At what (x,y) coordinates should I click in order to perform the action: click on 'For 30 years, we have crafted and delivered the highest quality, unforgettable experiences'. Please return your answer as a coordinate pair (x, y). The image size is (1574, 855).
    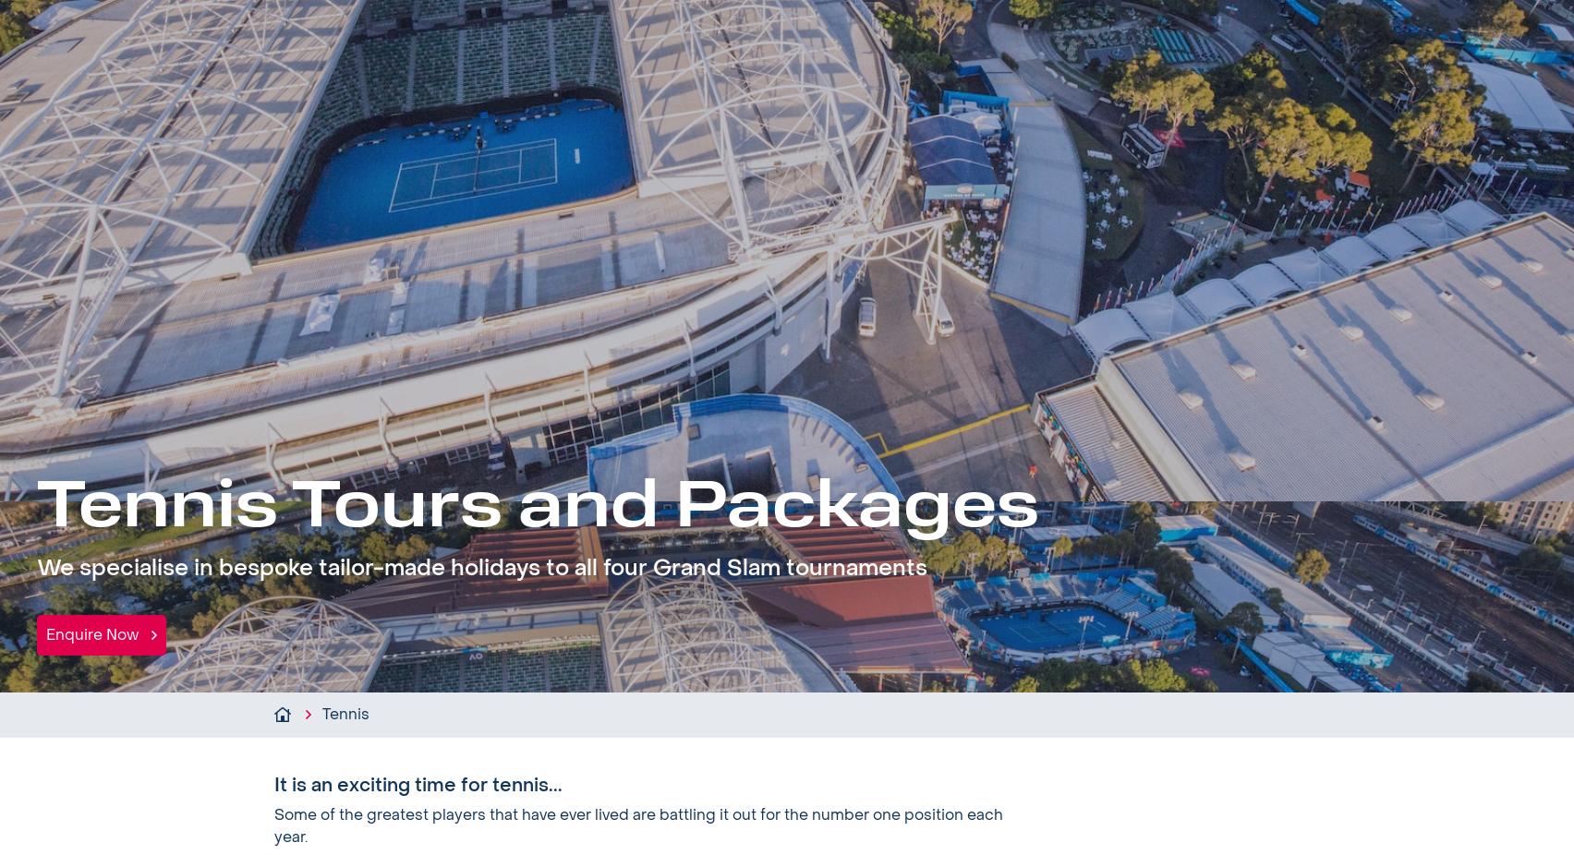
    Looking at the image, I should click on (1169, 311).